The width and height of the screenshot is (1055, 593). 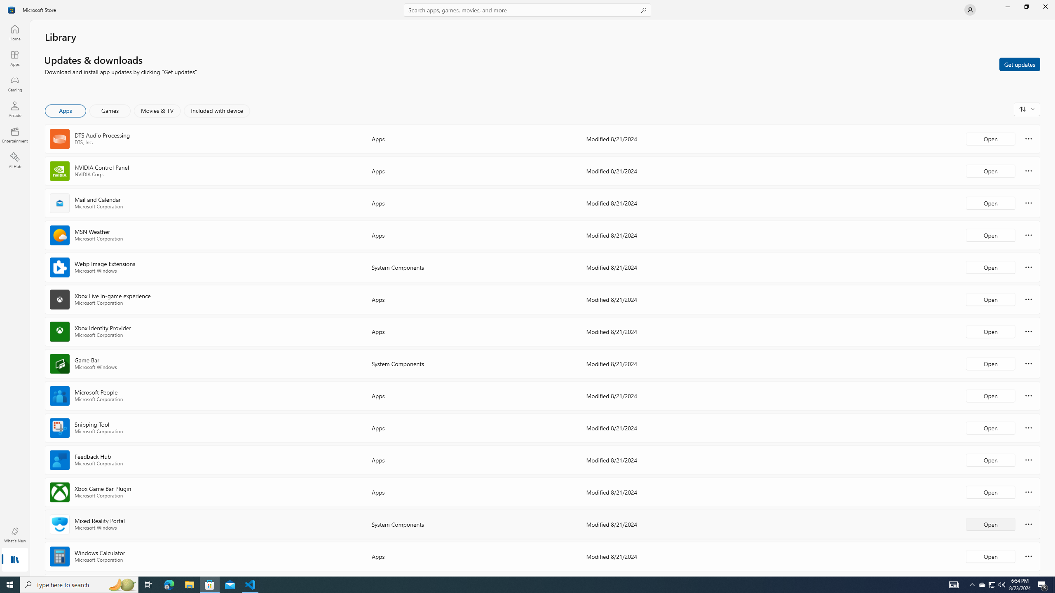 I want to click on 'Restore Microsoft Store', so click(x=1026, y=6).